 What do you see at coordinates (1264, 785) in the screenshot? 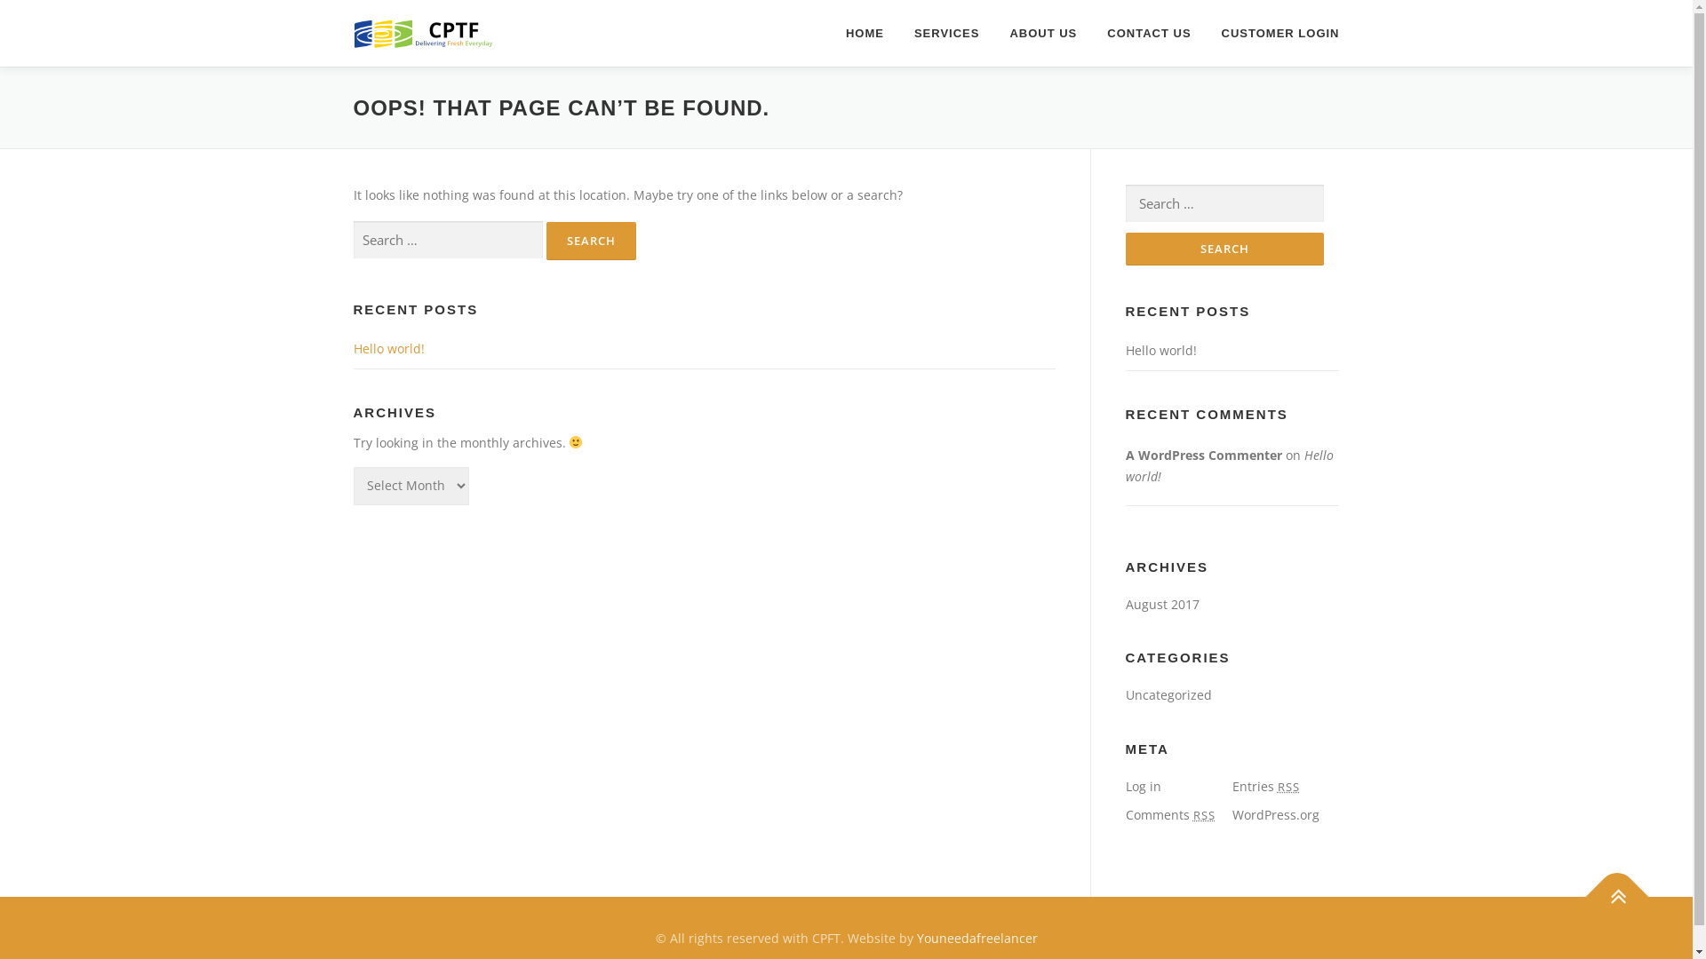
I see `'Entries RSS'` at bounding box center [1264, 785].